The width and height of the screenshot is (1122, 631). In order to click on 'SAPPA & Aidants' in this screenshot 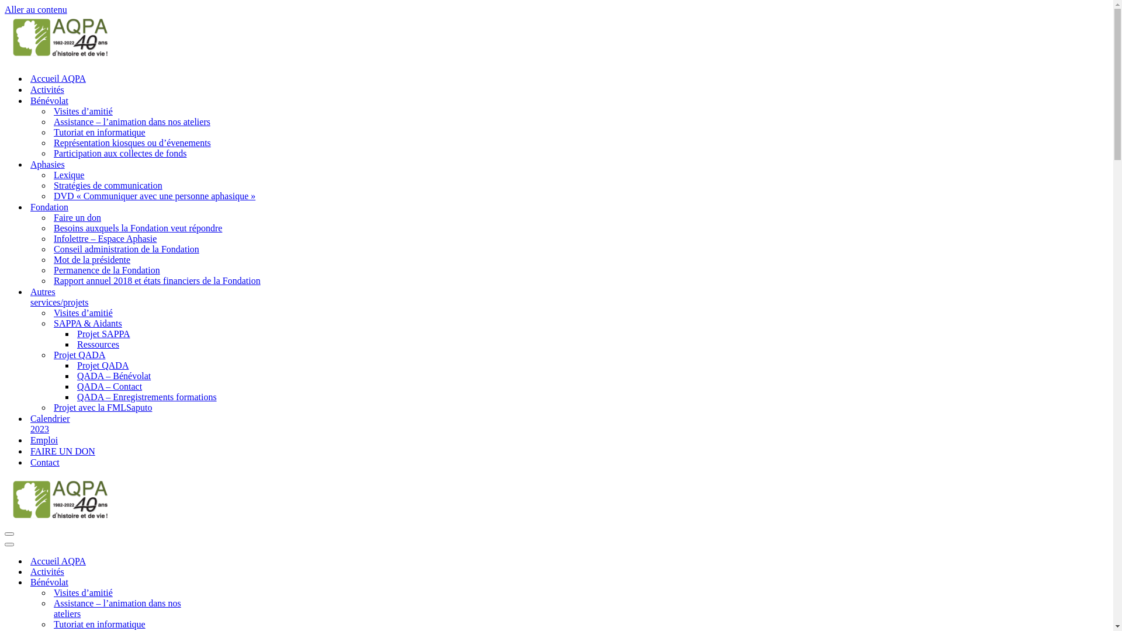, I will do `click(87, 324)`.